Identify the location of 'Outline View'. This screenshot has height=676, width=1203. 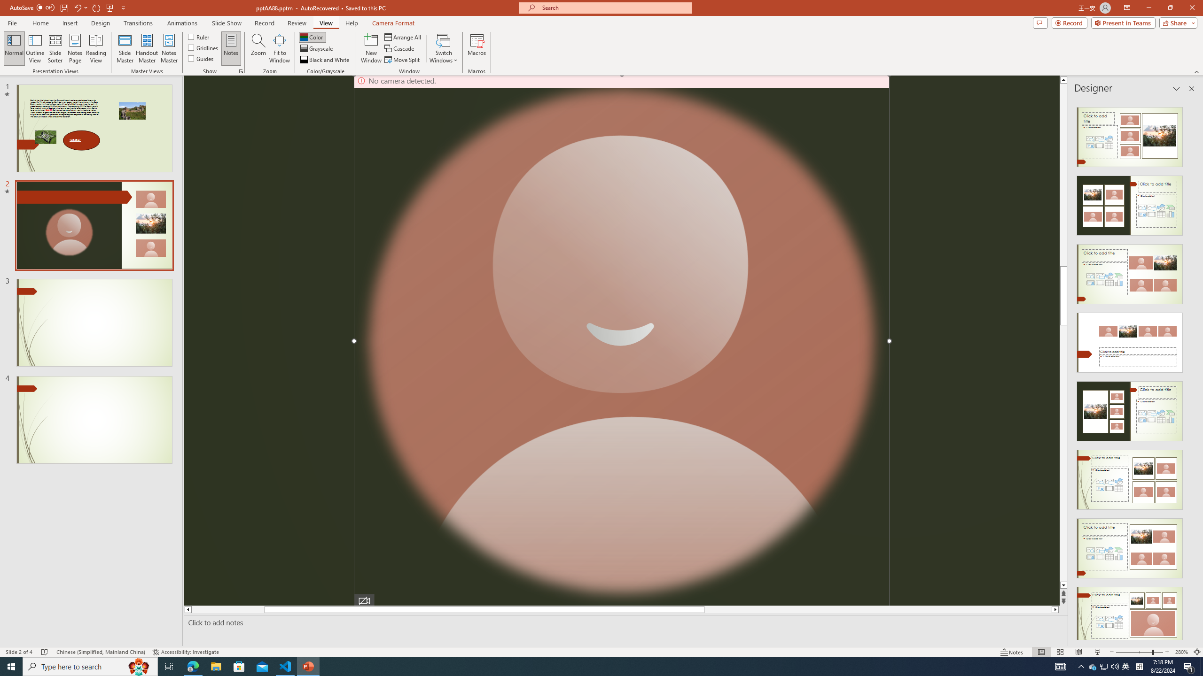
(35, 48).